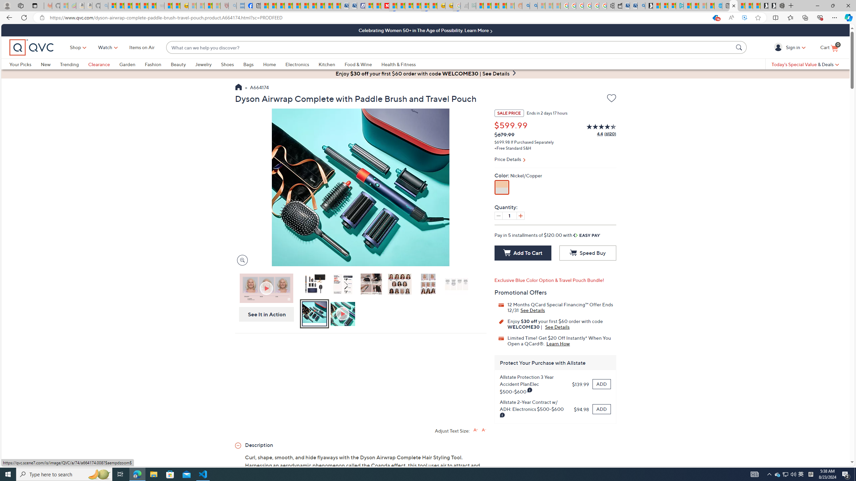  What do you see at coordinates (105, 47) in the screenshot?
I see `'Watch'` at bounding box center [105, 47].